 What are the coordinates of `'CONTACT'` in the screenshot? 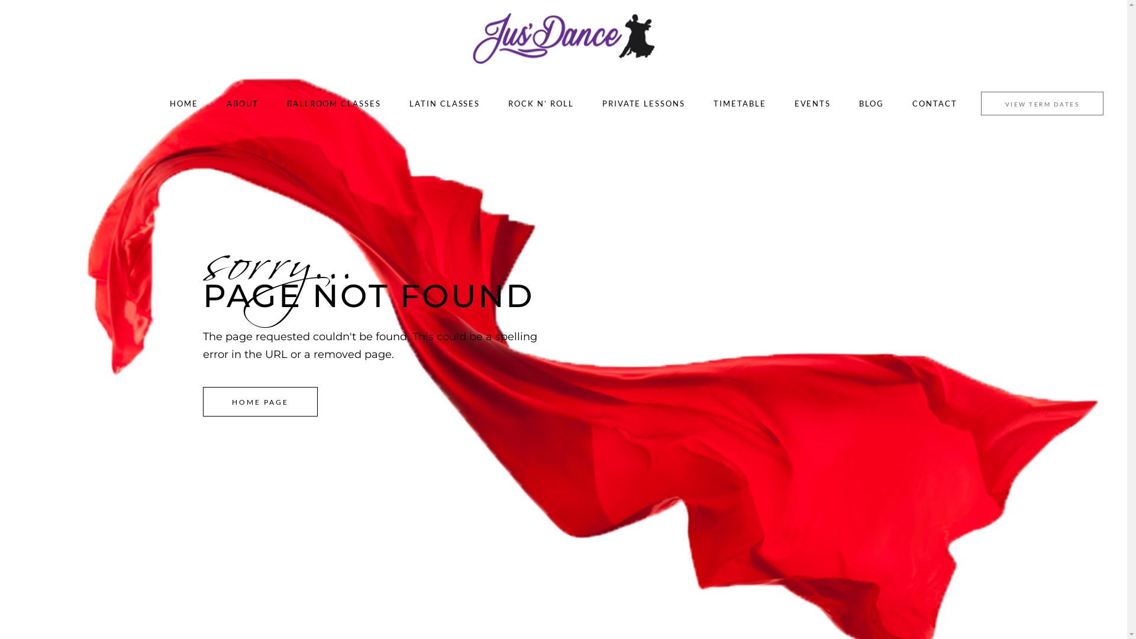 It's located at (934, 102).